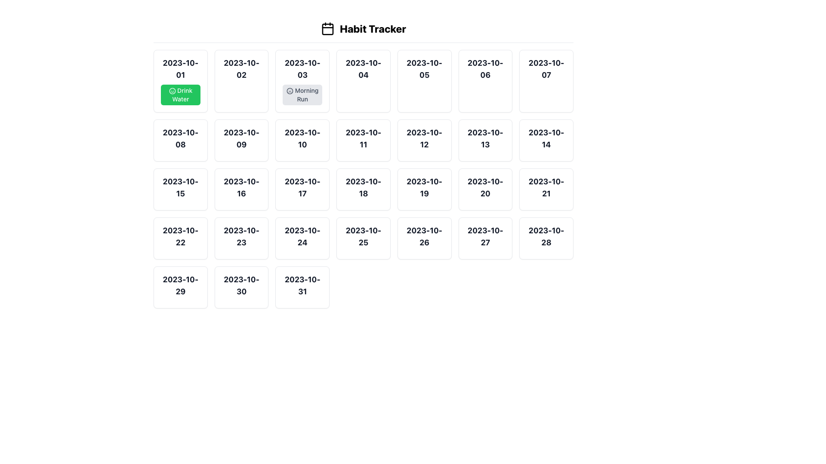  I want to click on the date display block in the habit tracker application located in the fourth column of the second row, which shows the date '2023-10-09', so click(241, 140).